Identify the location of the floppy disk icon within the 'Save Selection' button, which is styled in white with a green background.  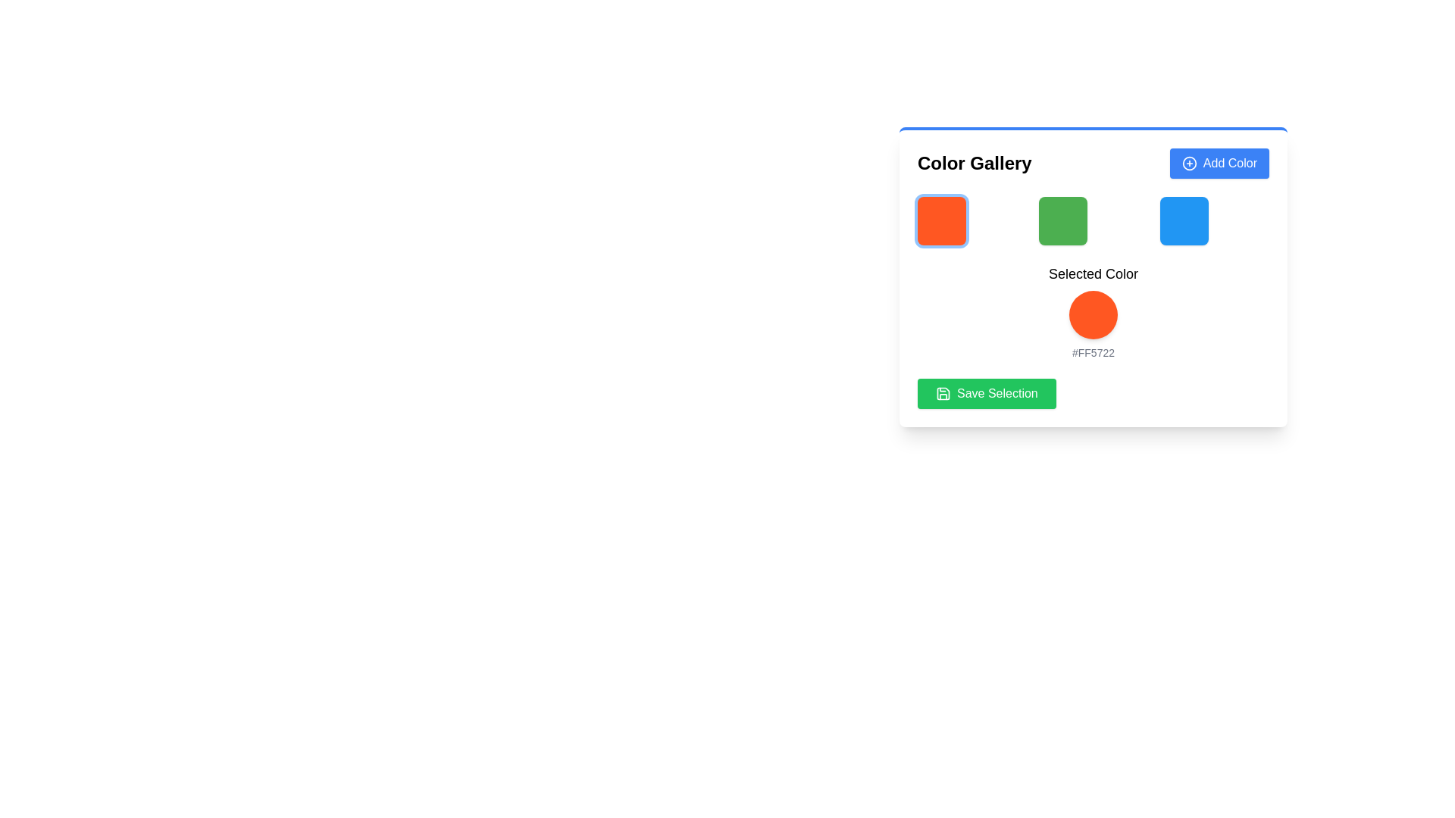
(942, 393).